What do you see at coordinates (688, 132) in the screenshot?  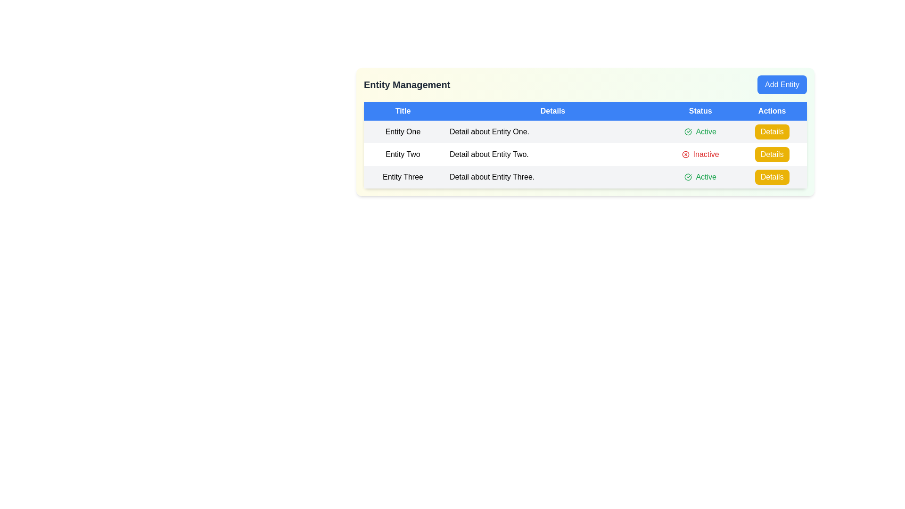 I see `the decorative icon representing the status of 'Entity Three' located in the 'Status' column, which shows a checkmark indicating an active status` at bounding box center [688, 132].